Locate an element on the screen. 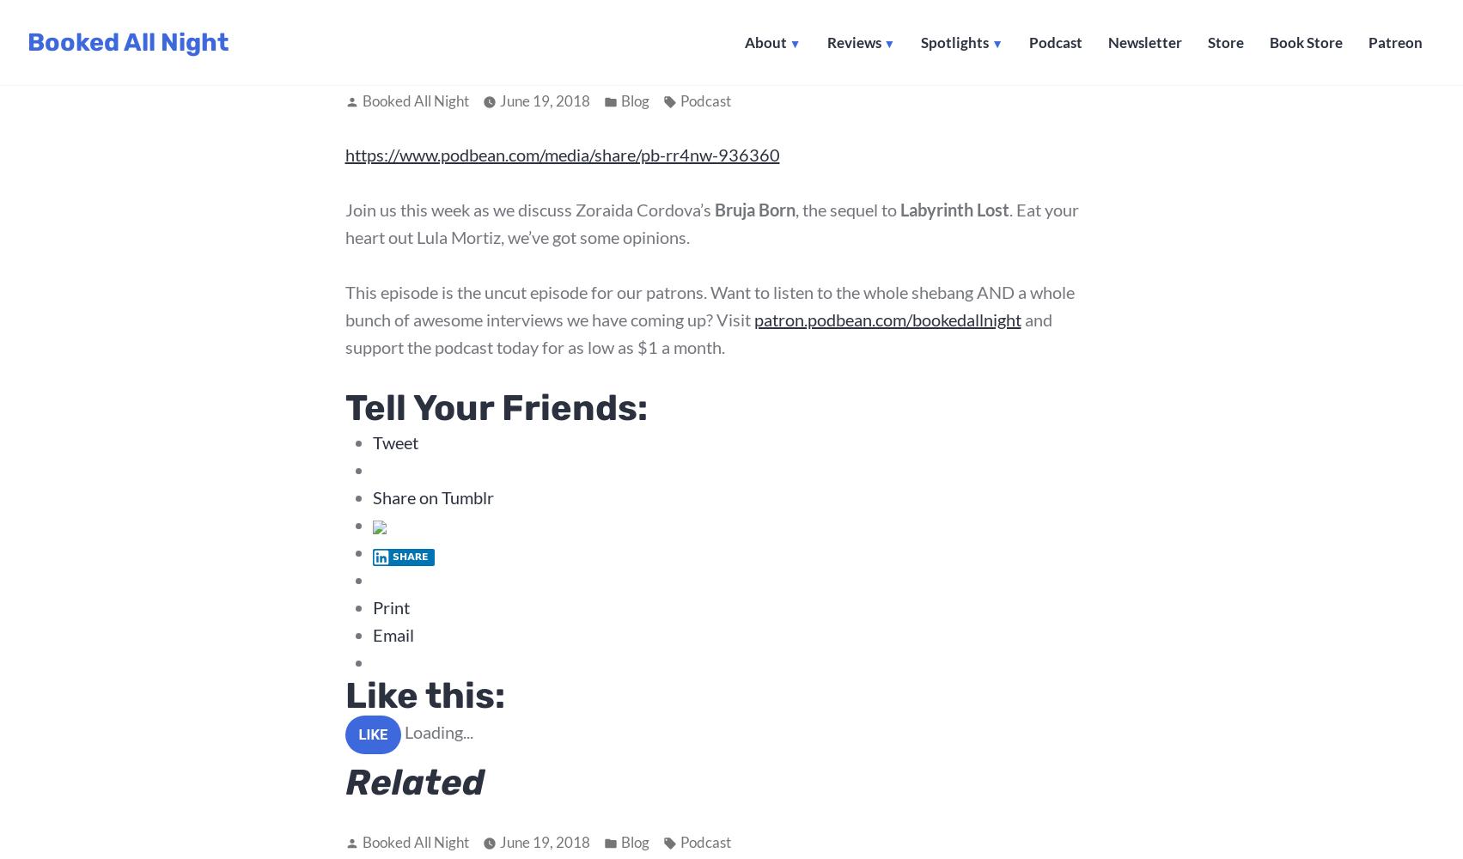  'Share on Tumblr' is located at coordinates (372, 496).